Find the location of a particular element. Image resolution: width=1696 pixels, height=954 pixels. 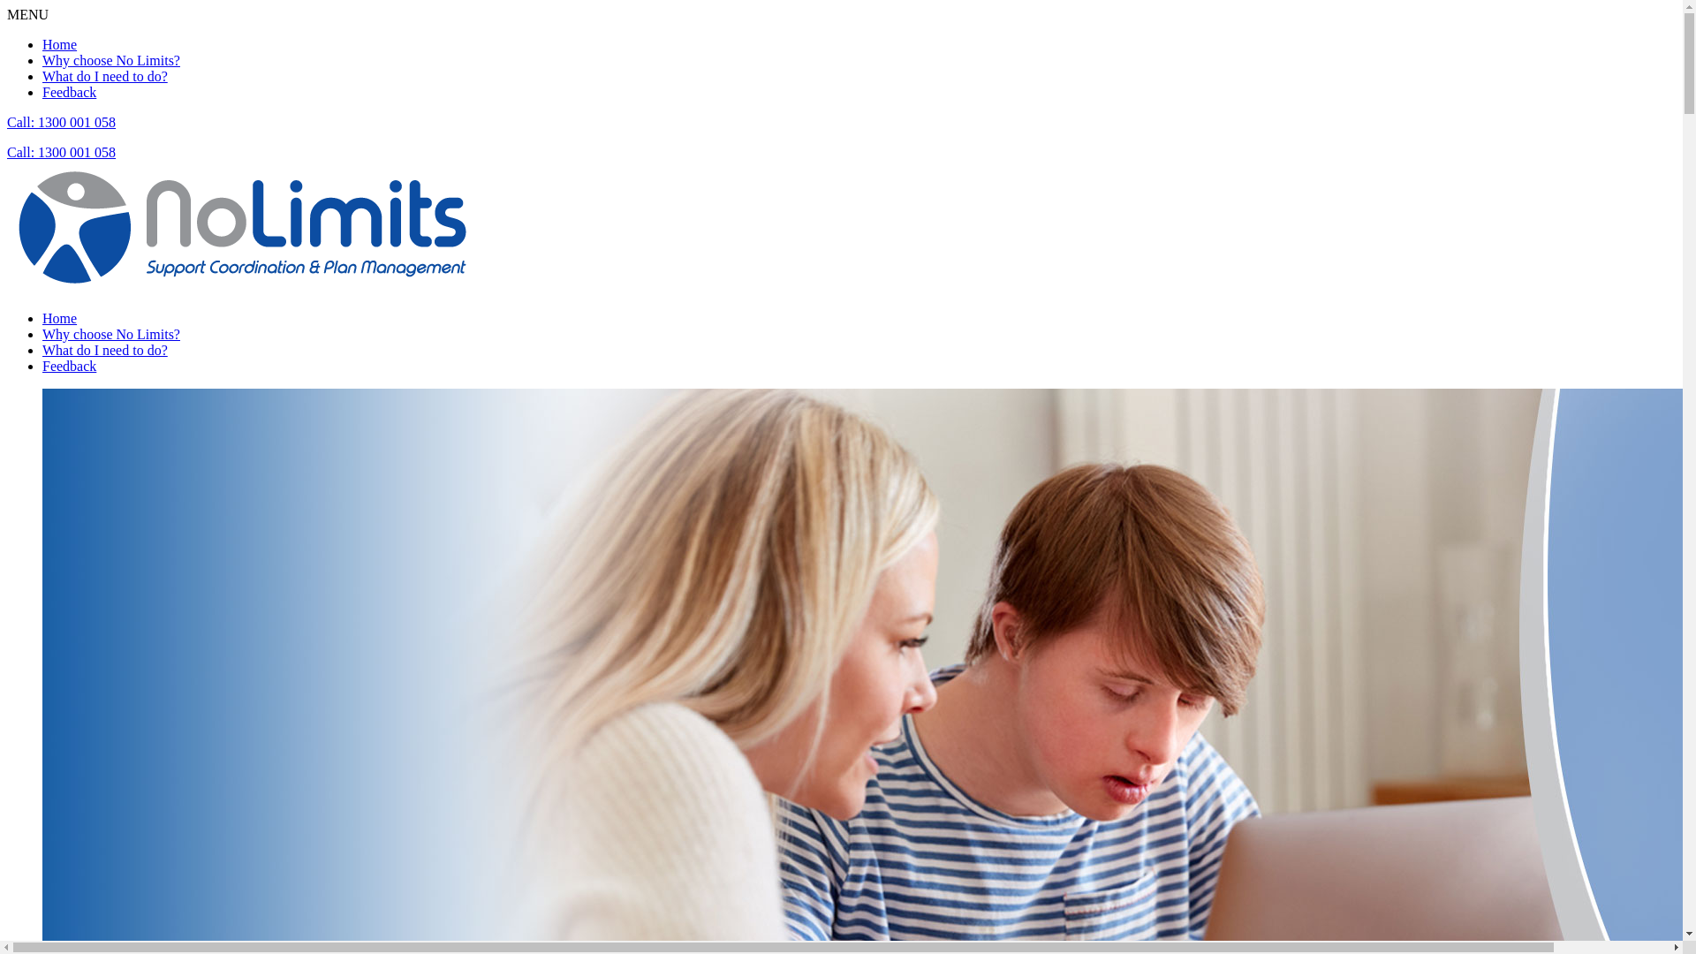

'MENU' is located at coordinates (27, 14).